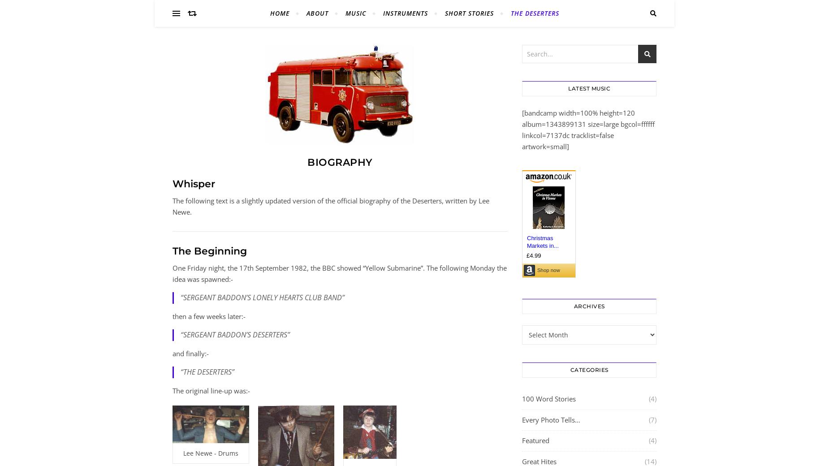 Image resolution: width=829 pixels, height=466 pixels. I want to click on 'Biography', so click(340, 162).